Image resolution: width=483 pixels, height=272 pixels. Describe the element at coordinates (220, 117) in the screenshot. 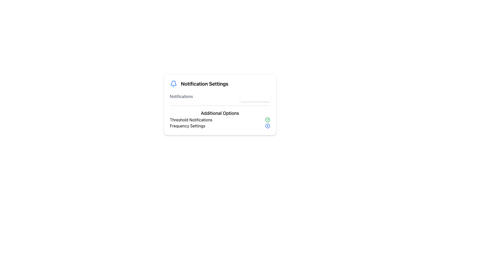

I see `text content of the Settings block located in the 'Notification Settings' section, positioned below the 'Notifications' toggle option` at that location.